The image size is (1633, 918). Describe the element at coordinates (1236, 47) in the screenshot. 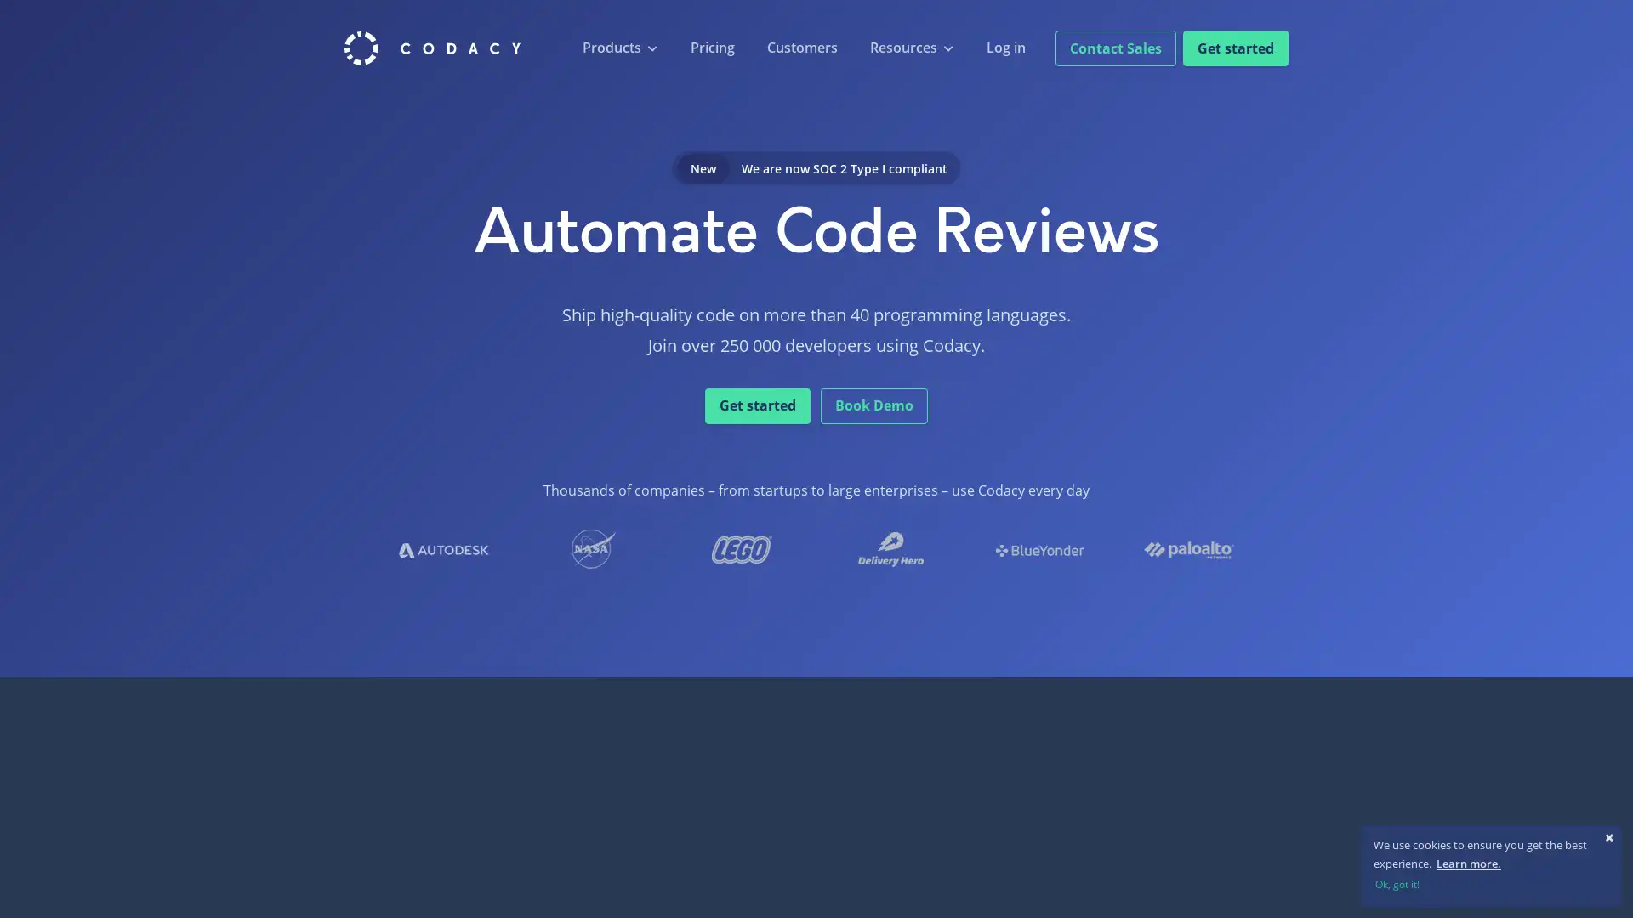

I see `Get started` at that location.